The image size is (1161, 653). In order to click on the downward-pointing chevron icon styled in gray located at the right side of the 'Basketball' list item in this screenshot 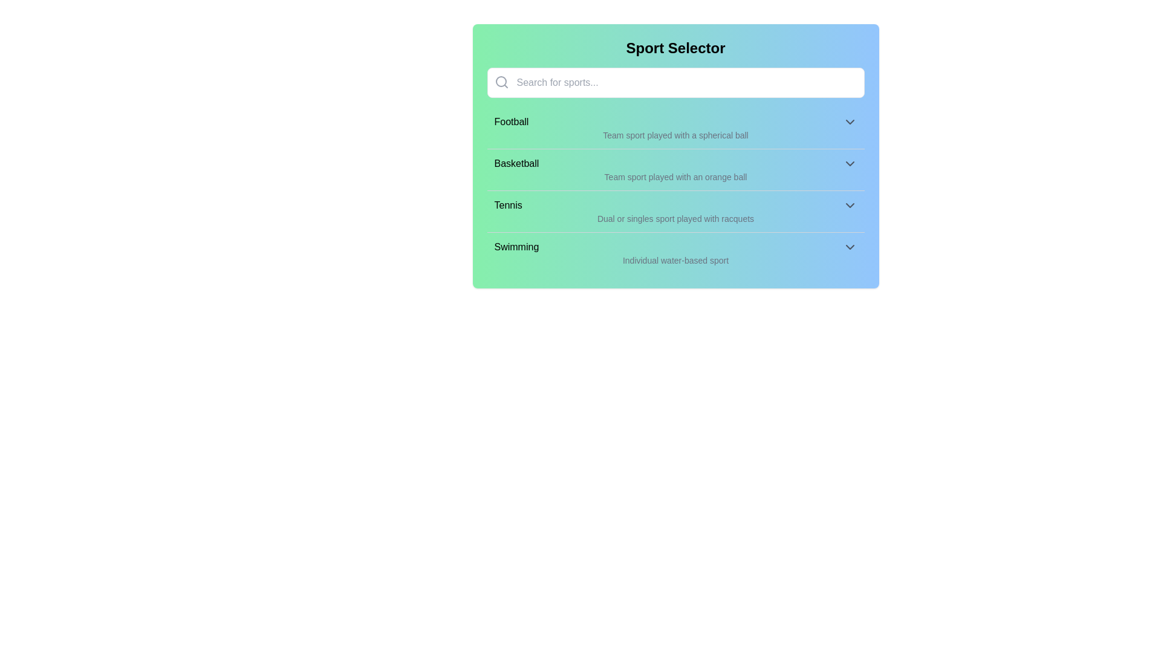, I will do `click(849, 163)`.